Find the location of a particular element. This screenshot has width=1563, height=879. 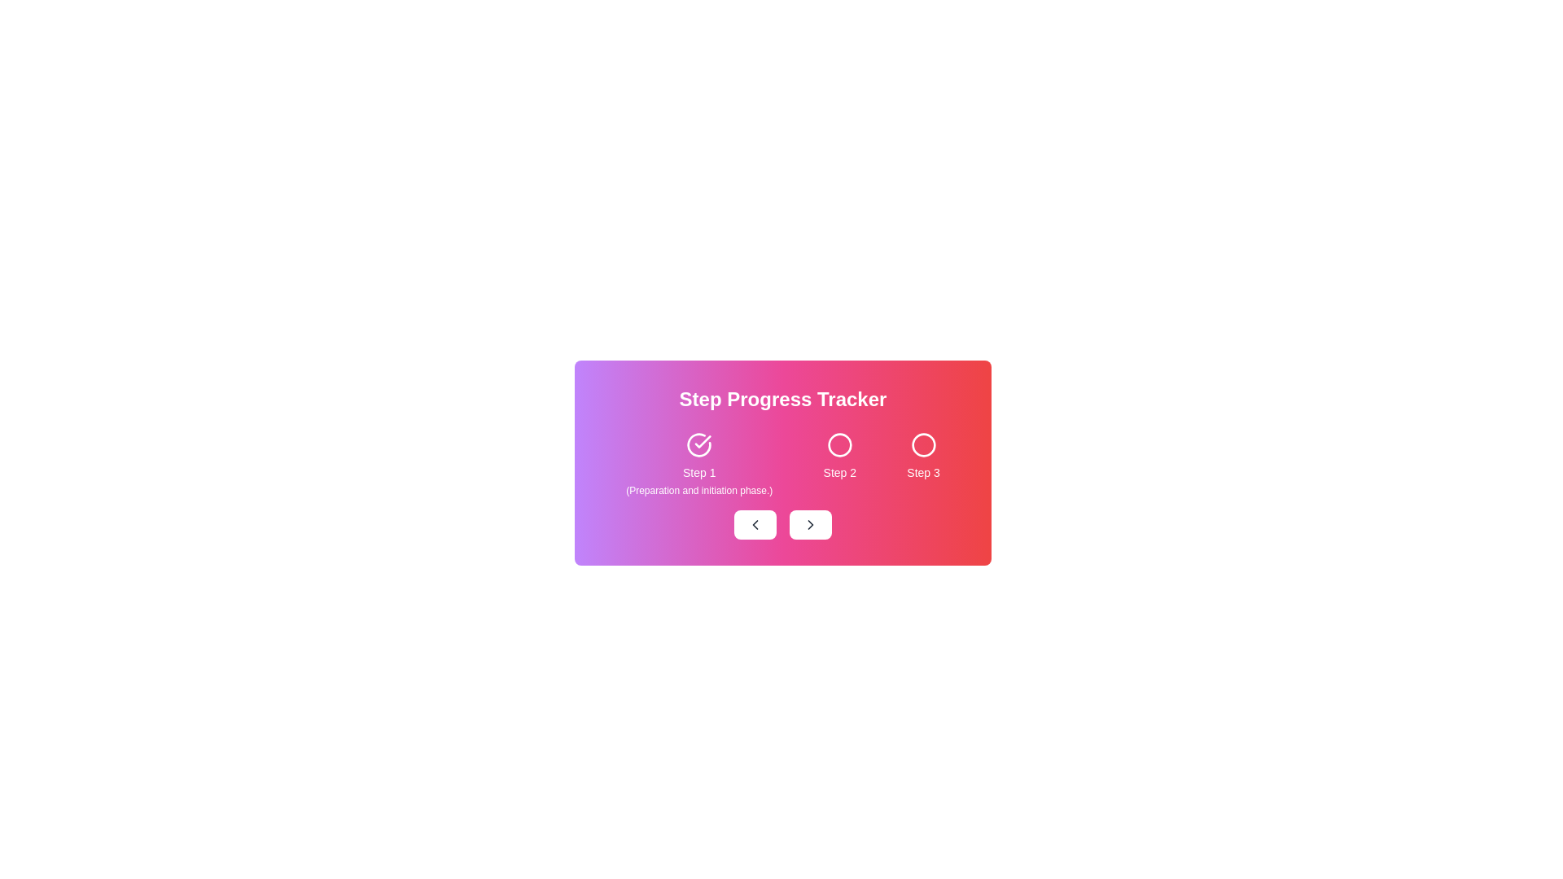

the middle progress step marker indicating the second step in the multi-step process is located at coordinates (839, 445).